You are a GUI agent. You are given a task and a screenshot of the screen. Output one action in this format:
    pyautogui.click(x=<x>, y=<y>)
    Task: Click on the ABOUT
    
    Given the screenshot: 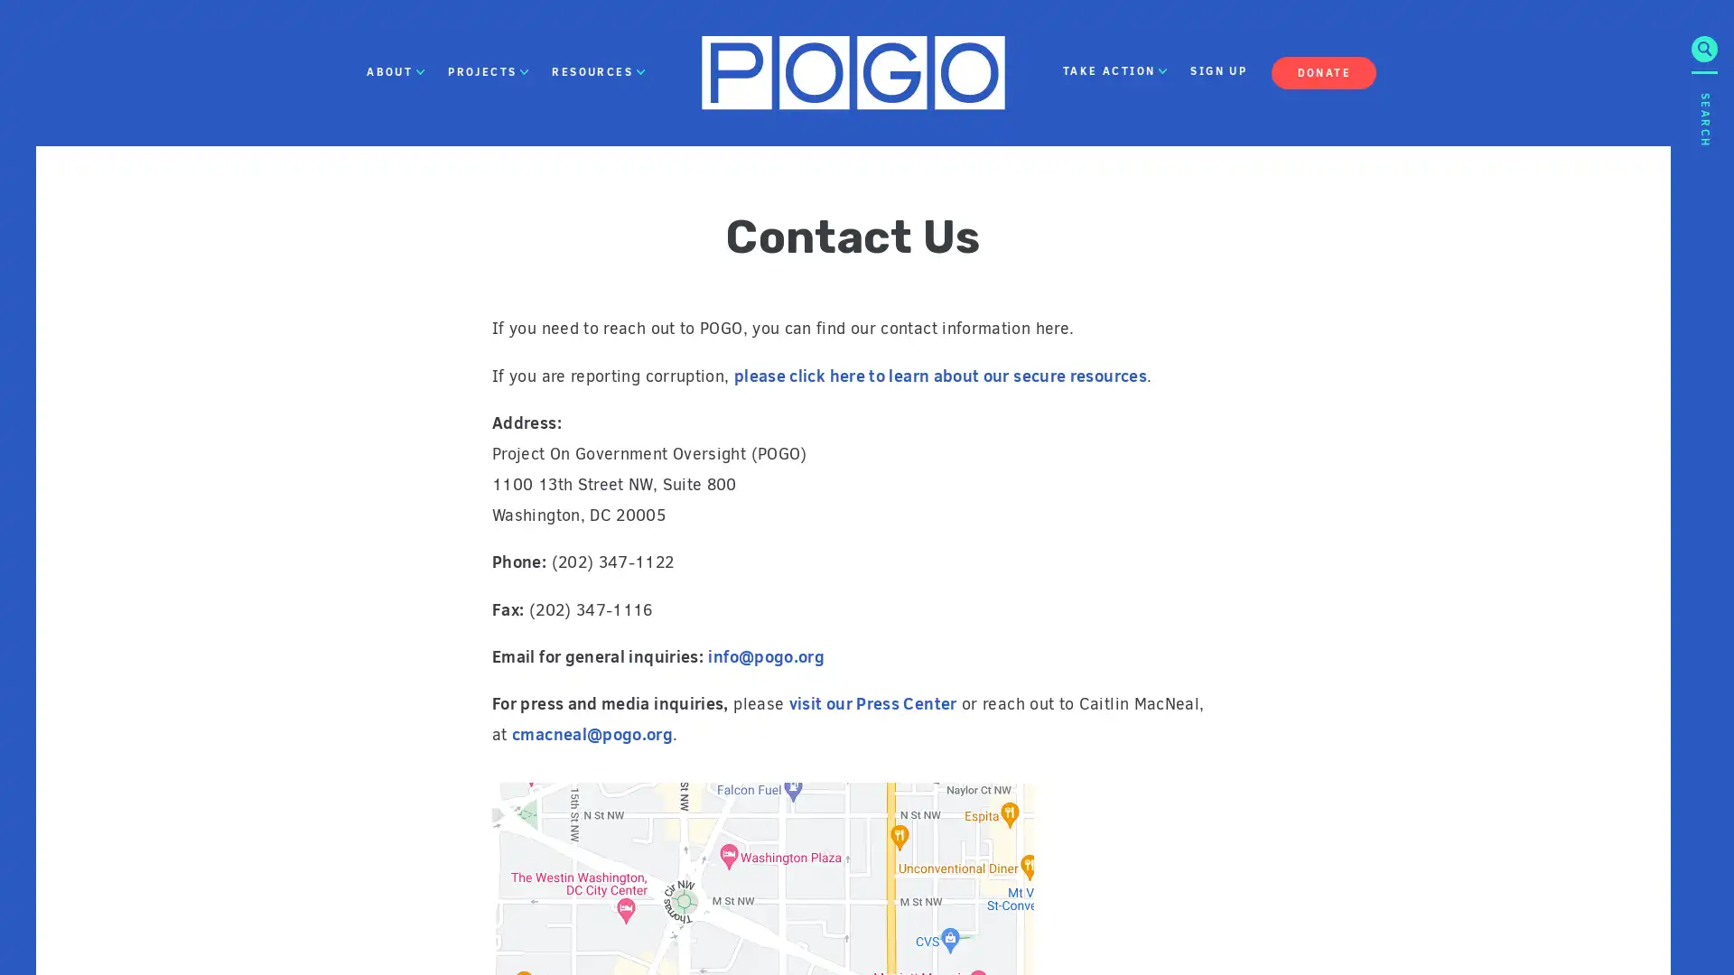 What is the action you would take?
    pyautogui.click(x=395, y=71)
    